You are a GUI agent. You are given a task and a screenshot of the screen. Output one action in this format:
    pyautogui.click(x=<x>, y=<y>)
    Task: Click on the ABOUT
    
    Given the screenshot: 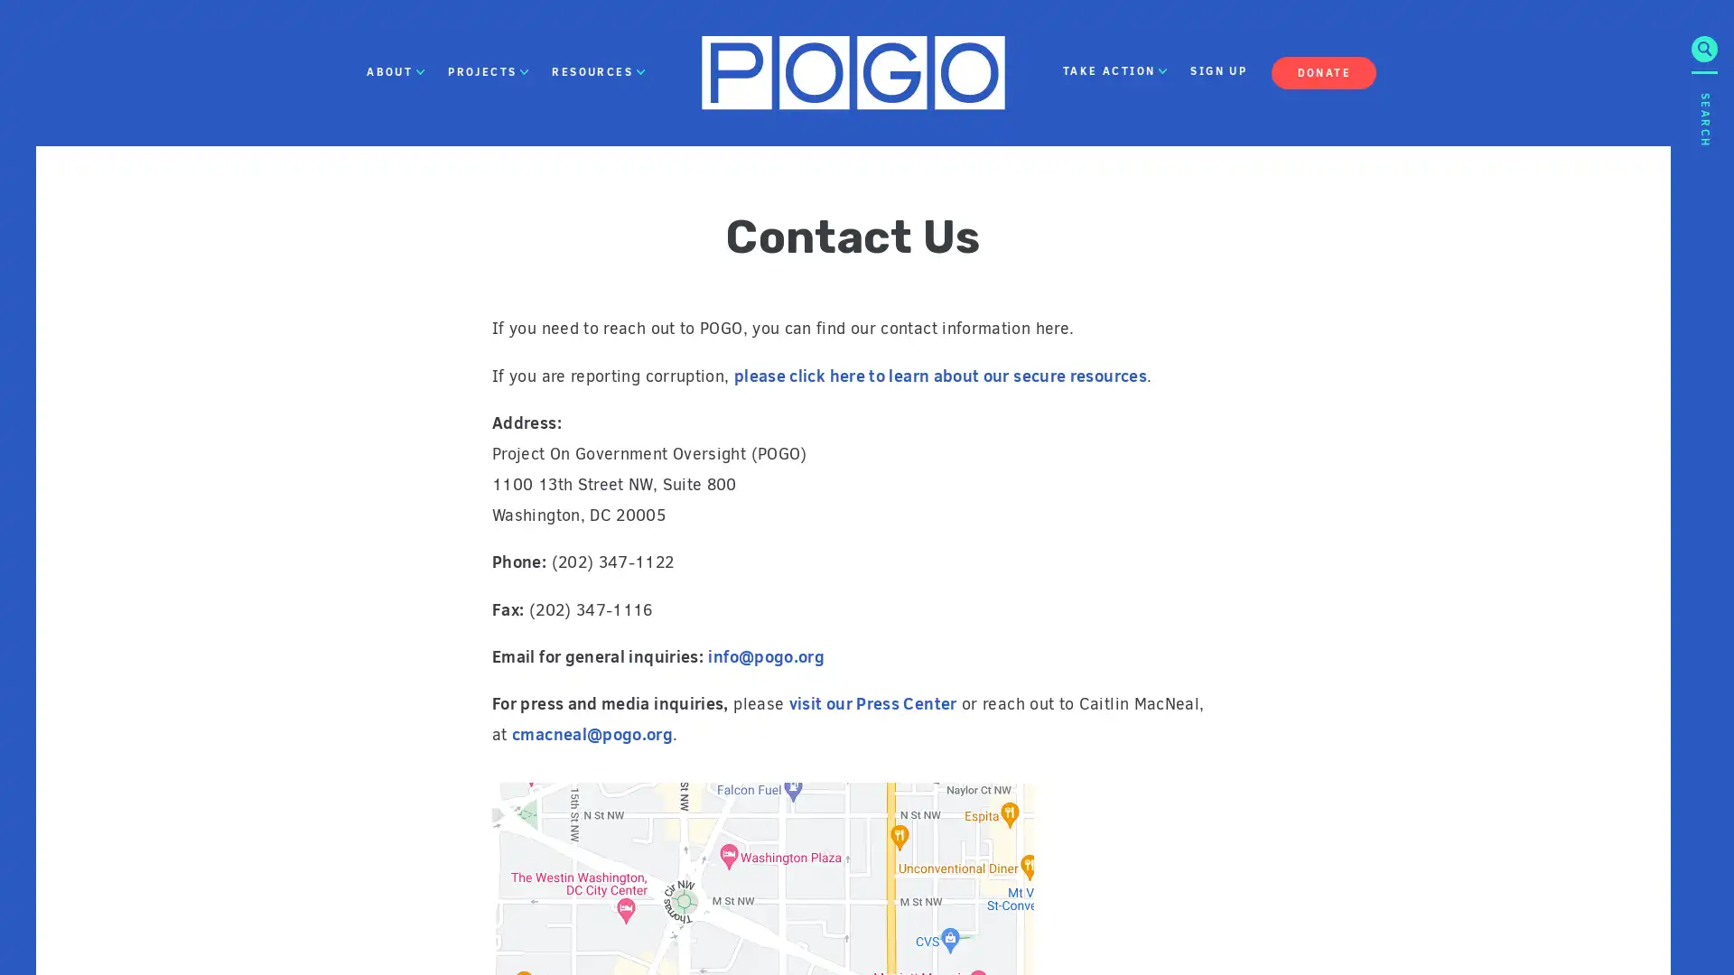 What is the action you would take?
    pyautogui.click(x=395, y=71)
    